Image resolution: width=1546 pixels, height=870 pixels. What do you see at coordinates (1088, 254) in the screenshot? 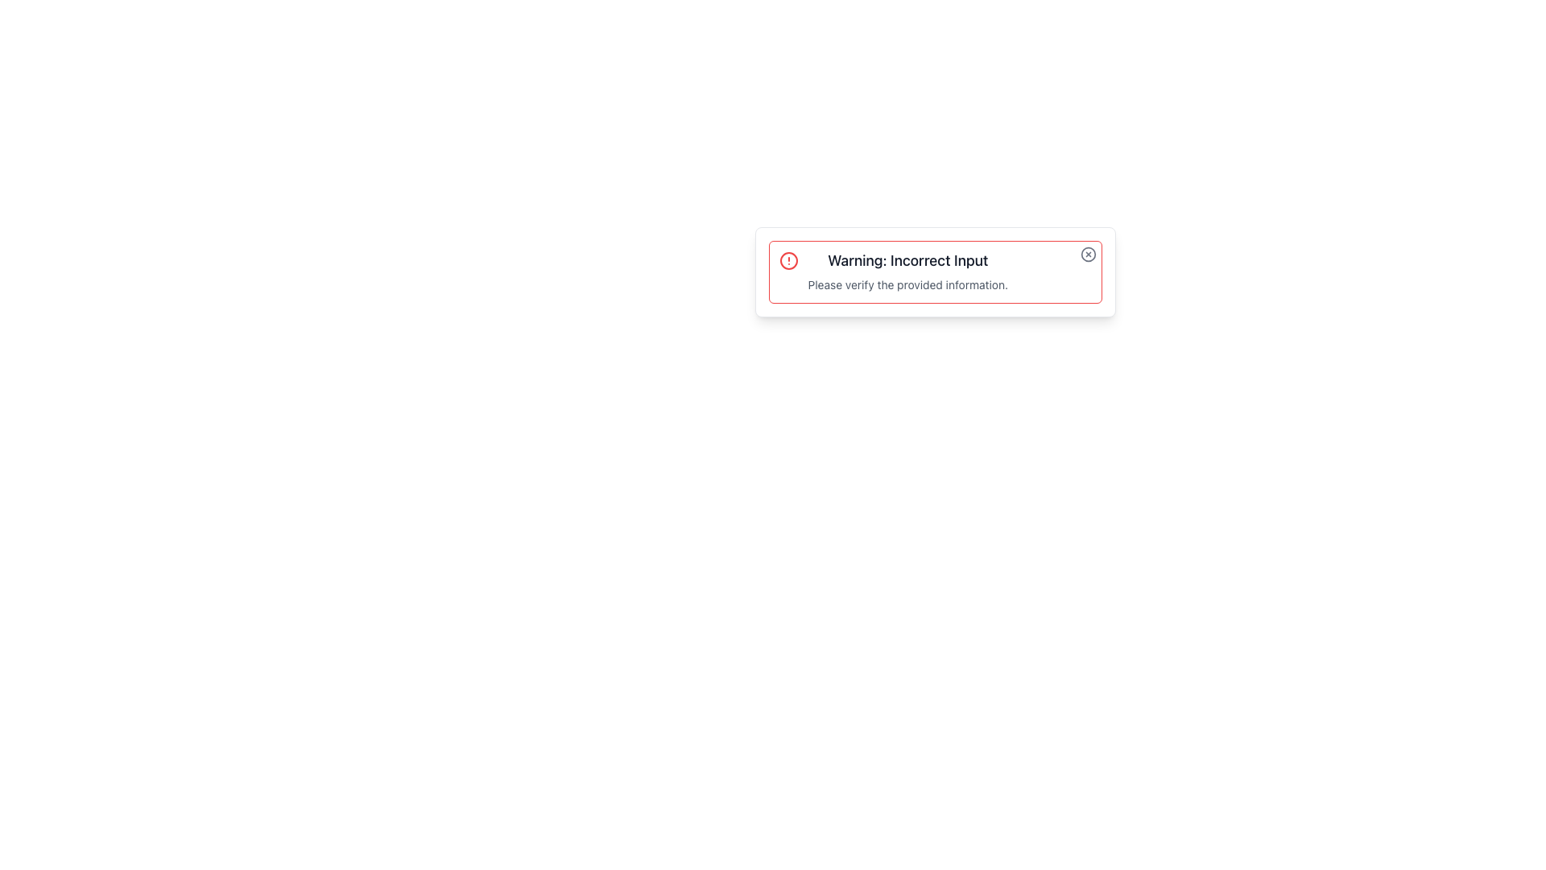
I see `the close button styled with a circle containing a close icon located at the upper-right corner of the warning alert box` at bounding box center [1088, 254].